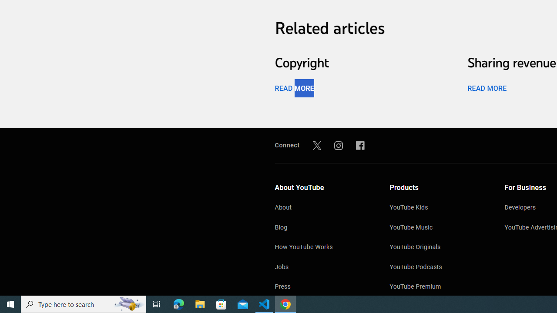 Image resolution: width=557 pixels, height=313 pixels. I want to click on 'Instagram', so click(338, 145).